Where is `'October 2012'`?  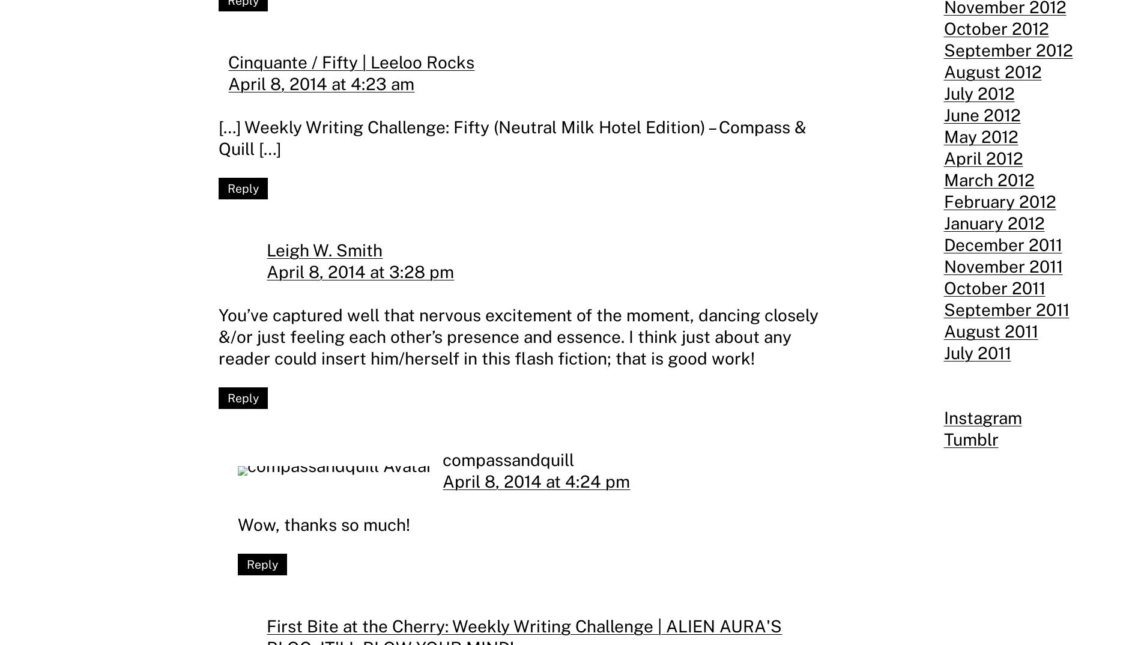
'October 2012' is located at coordinates (996, 28).